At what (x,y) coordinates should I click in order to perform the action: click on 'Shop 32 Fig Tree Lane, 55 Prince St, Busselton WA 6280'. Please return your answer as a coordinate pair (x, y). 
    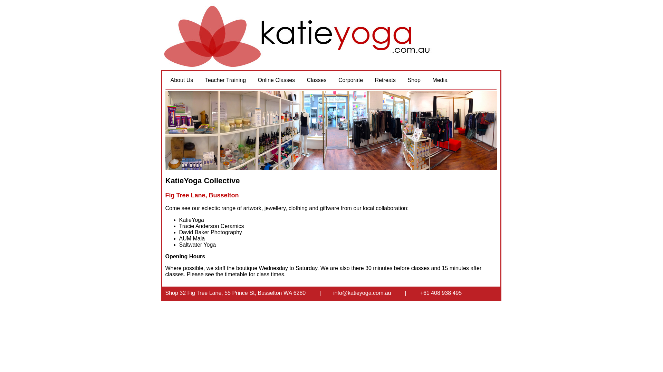
    Looking at the image, I should click on (235, 293).